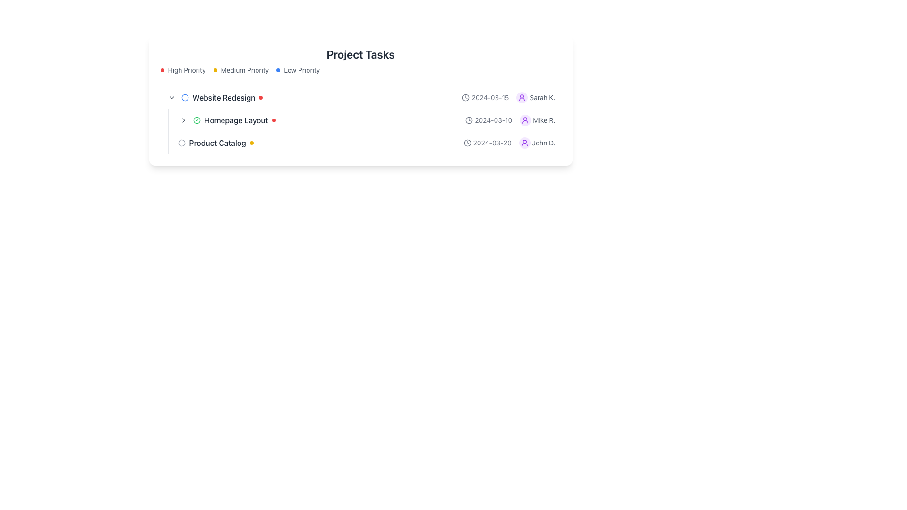  What do you see at coordinates (181, 143) in the screenshot?
I see `the circular graphical element with a light gray shade, located adjacent to the text 'Website Redesign'` at bounding box center [181, 143].